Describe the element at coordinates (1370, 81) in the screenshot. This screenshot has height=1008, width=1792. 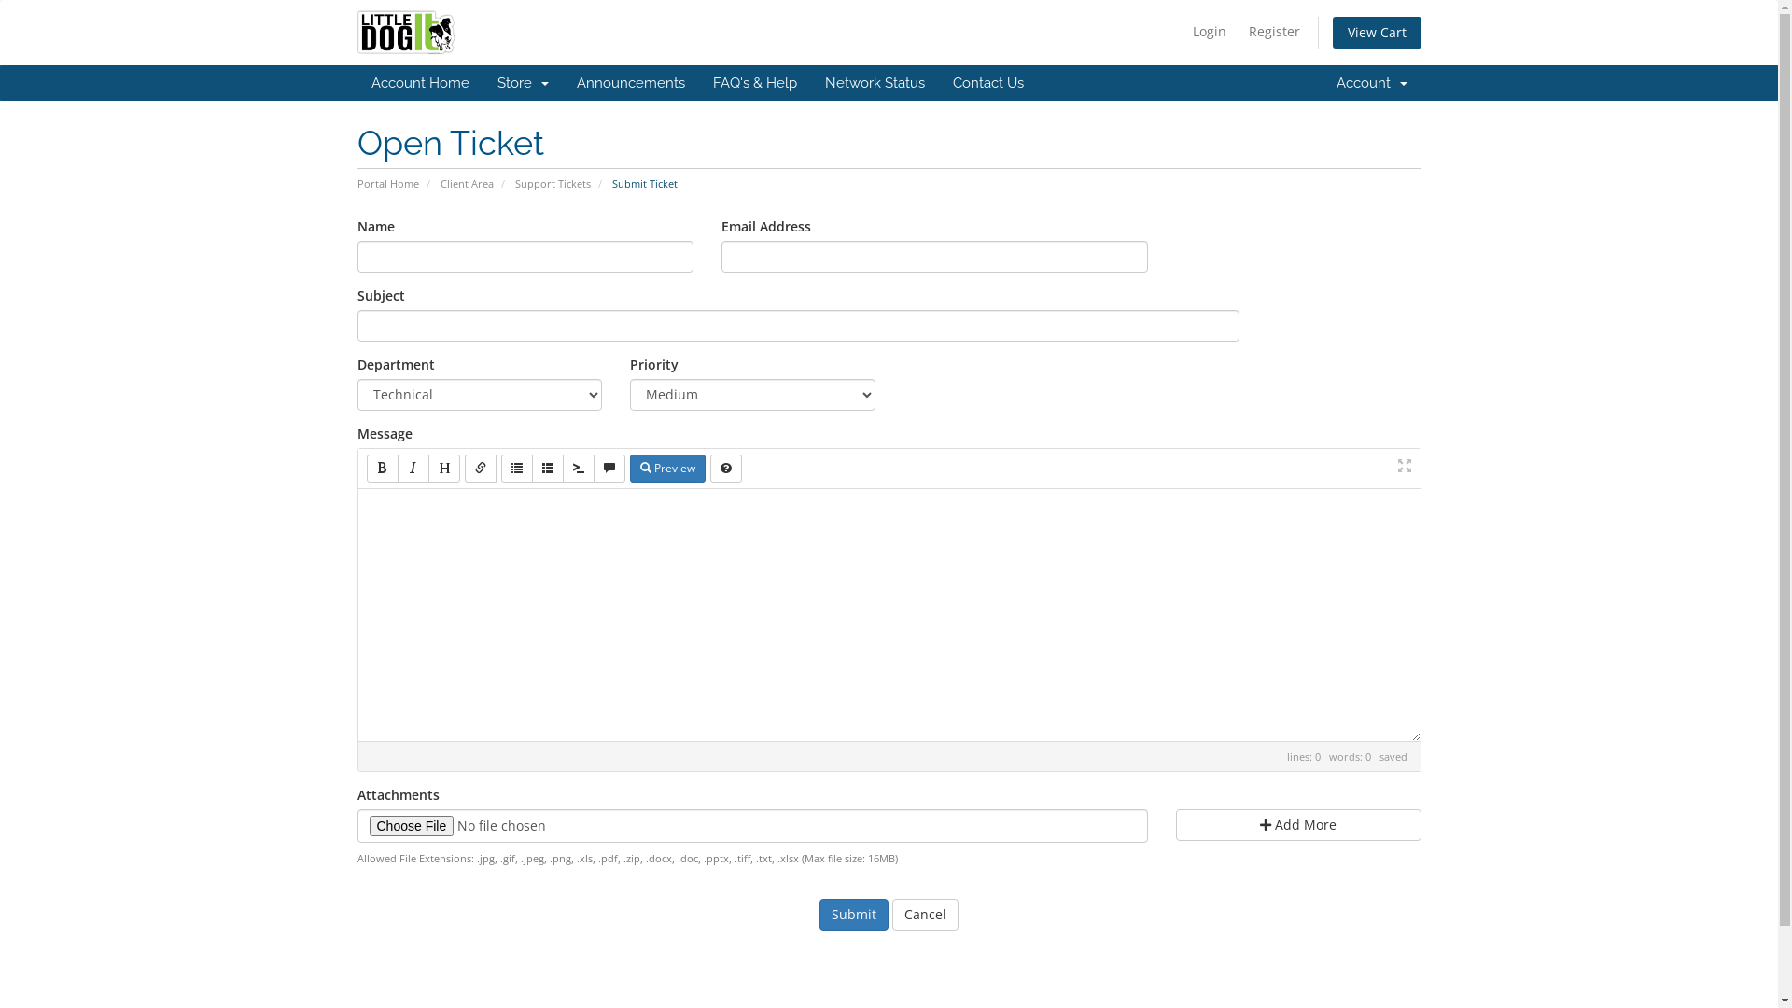
I see `'Account  '` at that location.